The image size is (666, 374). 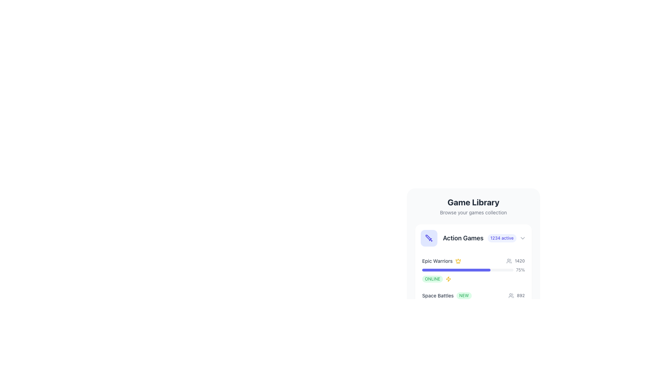 I want to click on the progress bar located beneath the 'Epic Warriors' title and above the 'ONLINE' label, which visually represents the percentage value of progress, so click(x=473, y=269).